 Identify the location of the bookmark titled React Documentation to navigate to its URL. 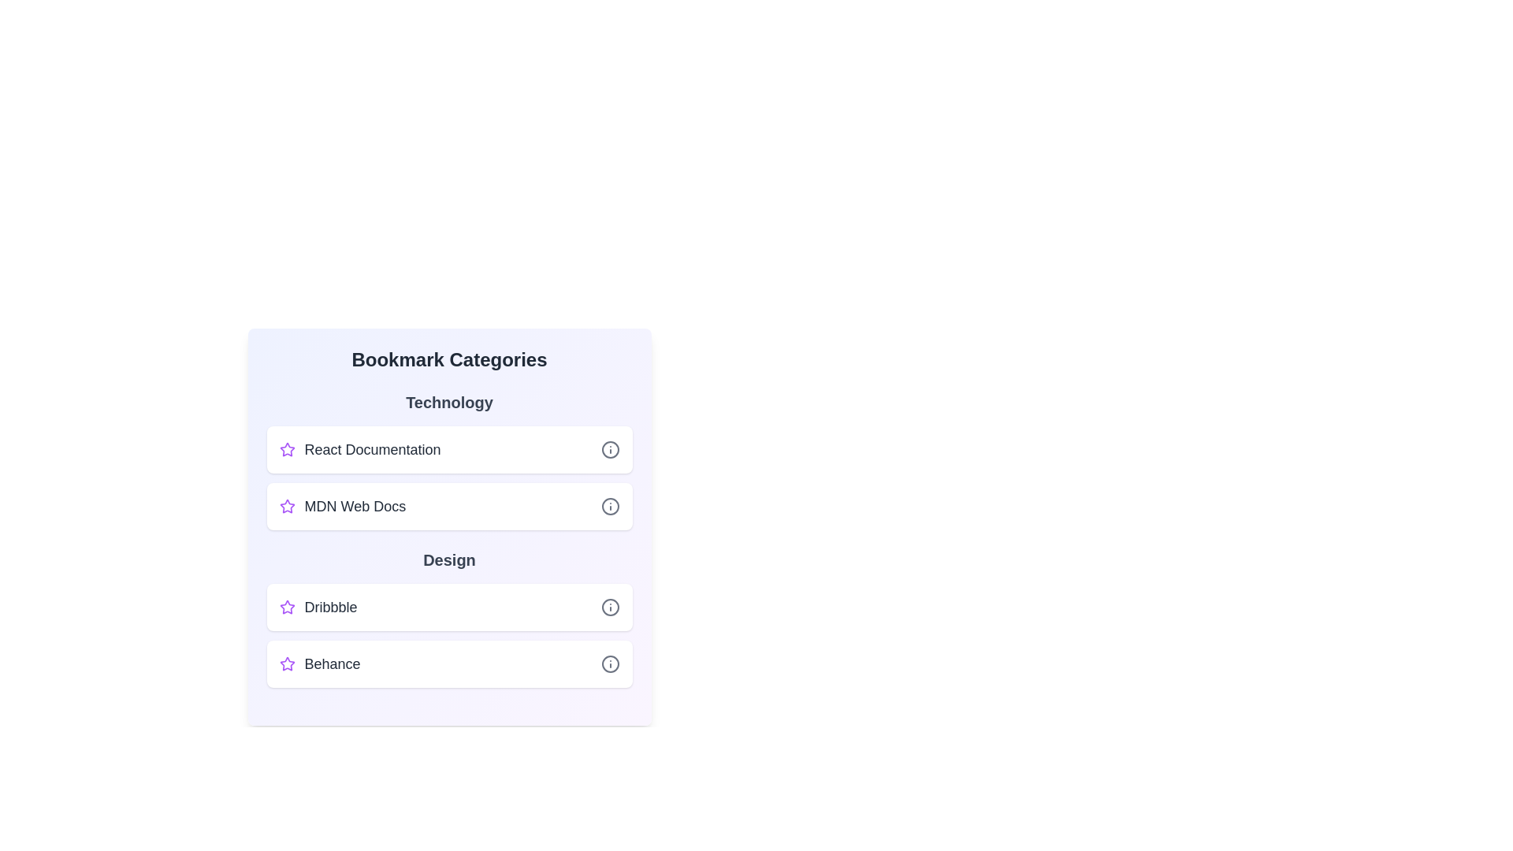
(372, 449).